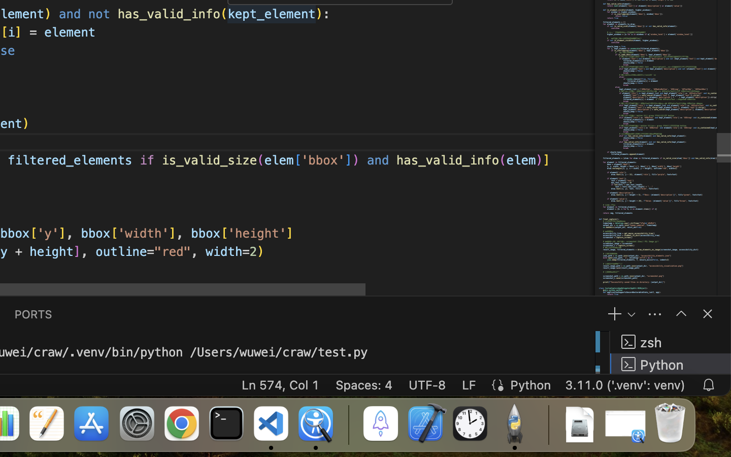  Describe the element at coordinates (33, 314) in the screenshot. I see `'0 PORTS'` at that location.